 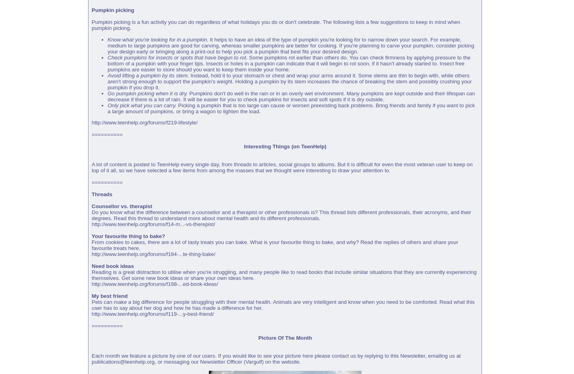 I want to click on 'http://www.teenhelp.org/forums/f14-m...-vs-therepist/', so click(x=153, y=224).